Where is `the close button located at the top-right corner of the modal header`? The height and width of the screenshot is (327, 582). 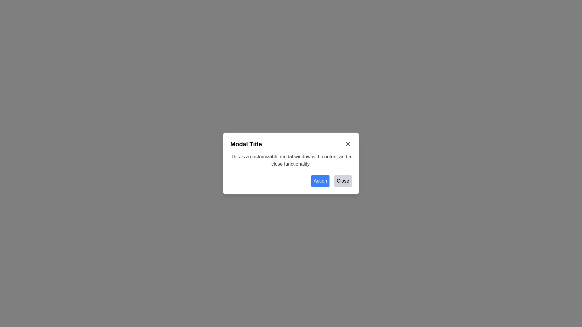
the close button located at the top-right corner of the modal header is located at coordinates (348, 144).